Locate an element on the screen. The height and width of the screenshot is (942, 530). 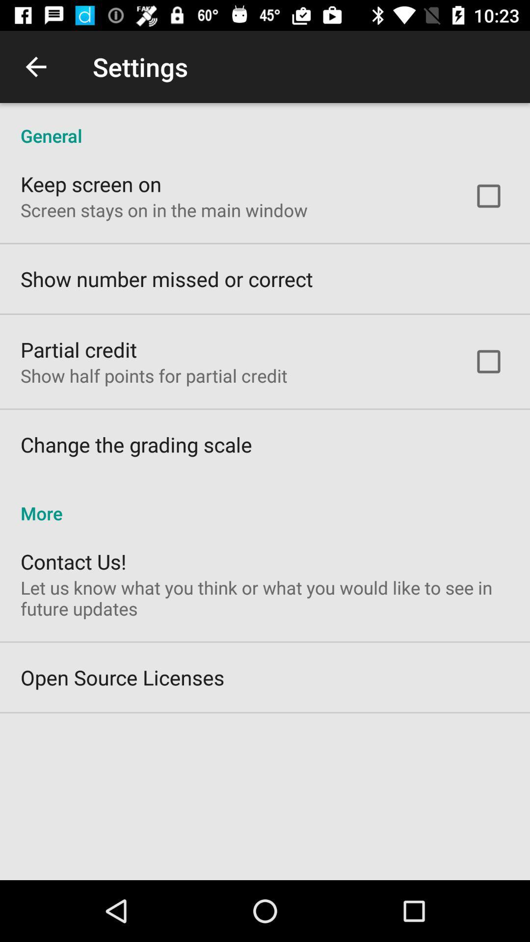
the show number missed is located at coordinates (166, 278).